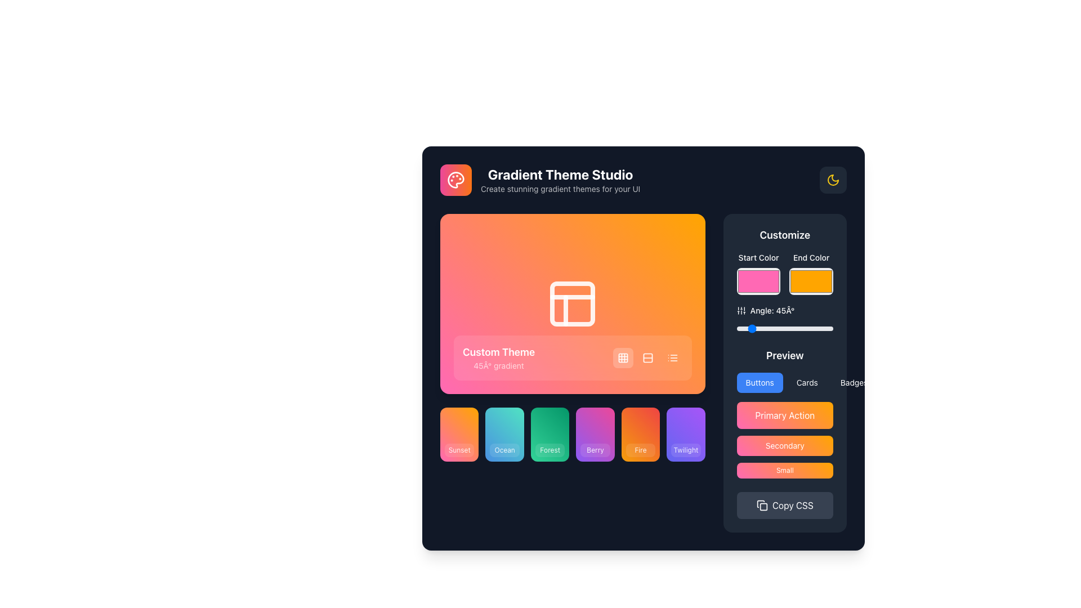 This screenshot has height=608, width=1081. Describe the element at coordinates (550, 449) in the screenshot. I see `static text label displaying 'Forest' located at the bottom-center of the gradient theme preview tile, which is the third tile from the left` at that location.